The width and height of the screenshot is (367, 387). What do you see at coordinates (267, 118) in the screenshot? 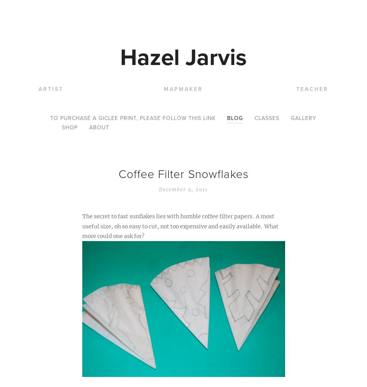
I see `'Classes'` at bounding box center [267, 118].